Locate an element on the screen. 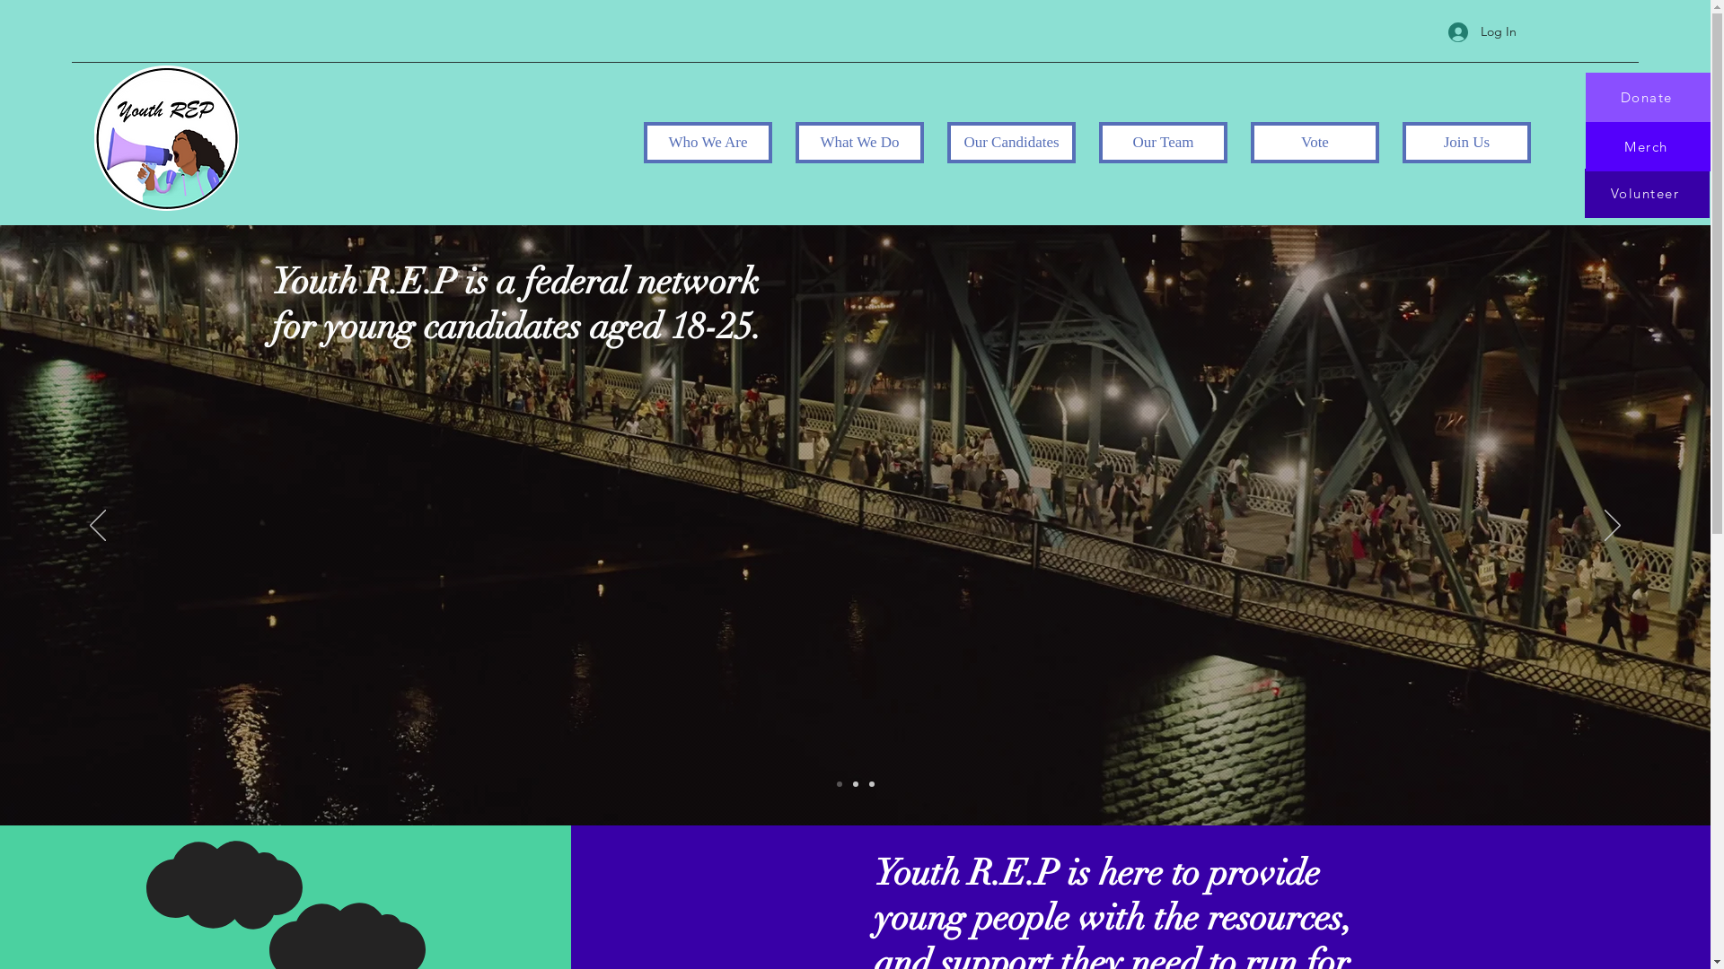 This screenshot has width=1724, height=969. 'Our Team' is located at coordinates (1163, 141).